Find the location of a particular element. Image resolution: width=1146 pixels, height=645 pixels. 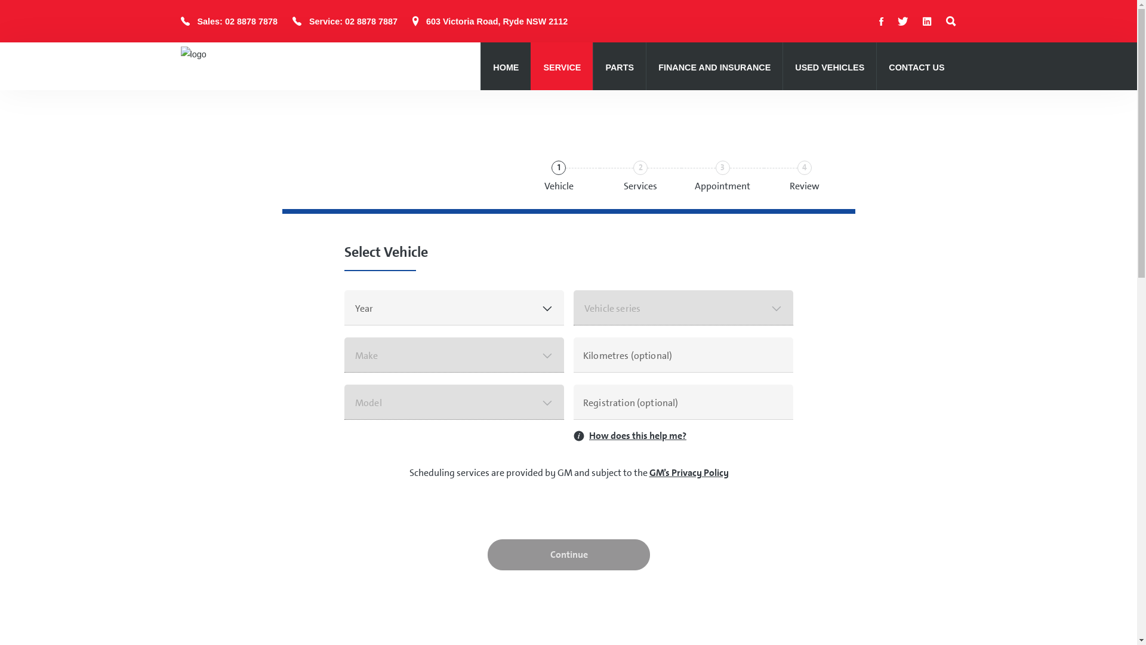

'HOME' is located at coordinates (506, 67).